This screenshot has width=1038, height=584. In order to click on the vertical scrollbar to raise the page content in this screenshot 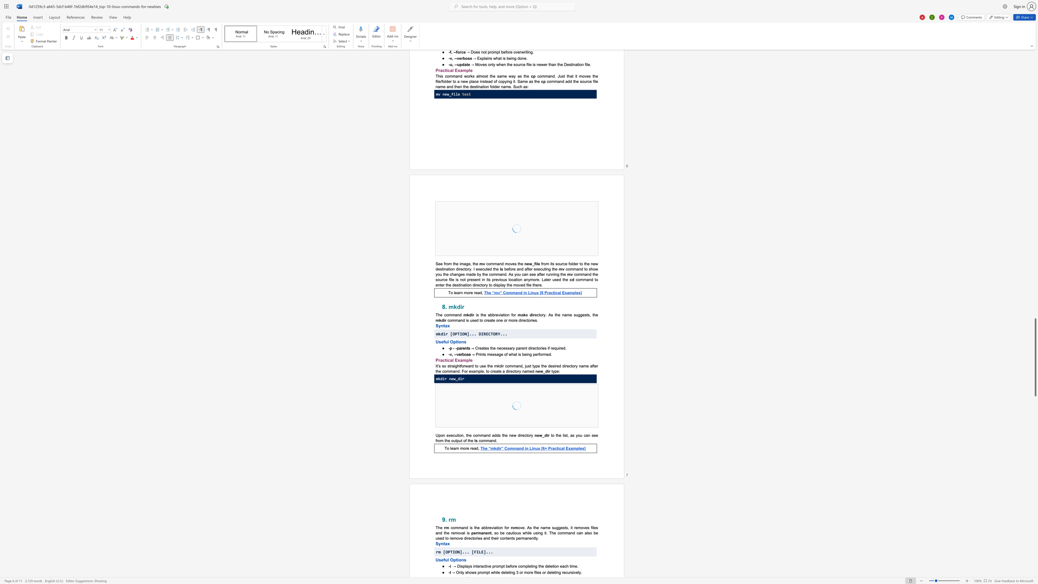, I will do `click(1035, 210)`.